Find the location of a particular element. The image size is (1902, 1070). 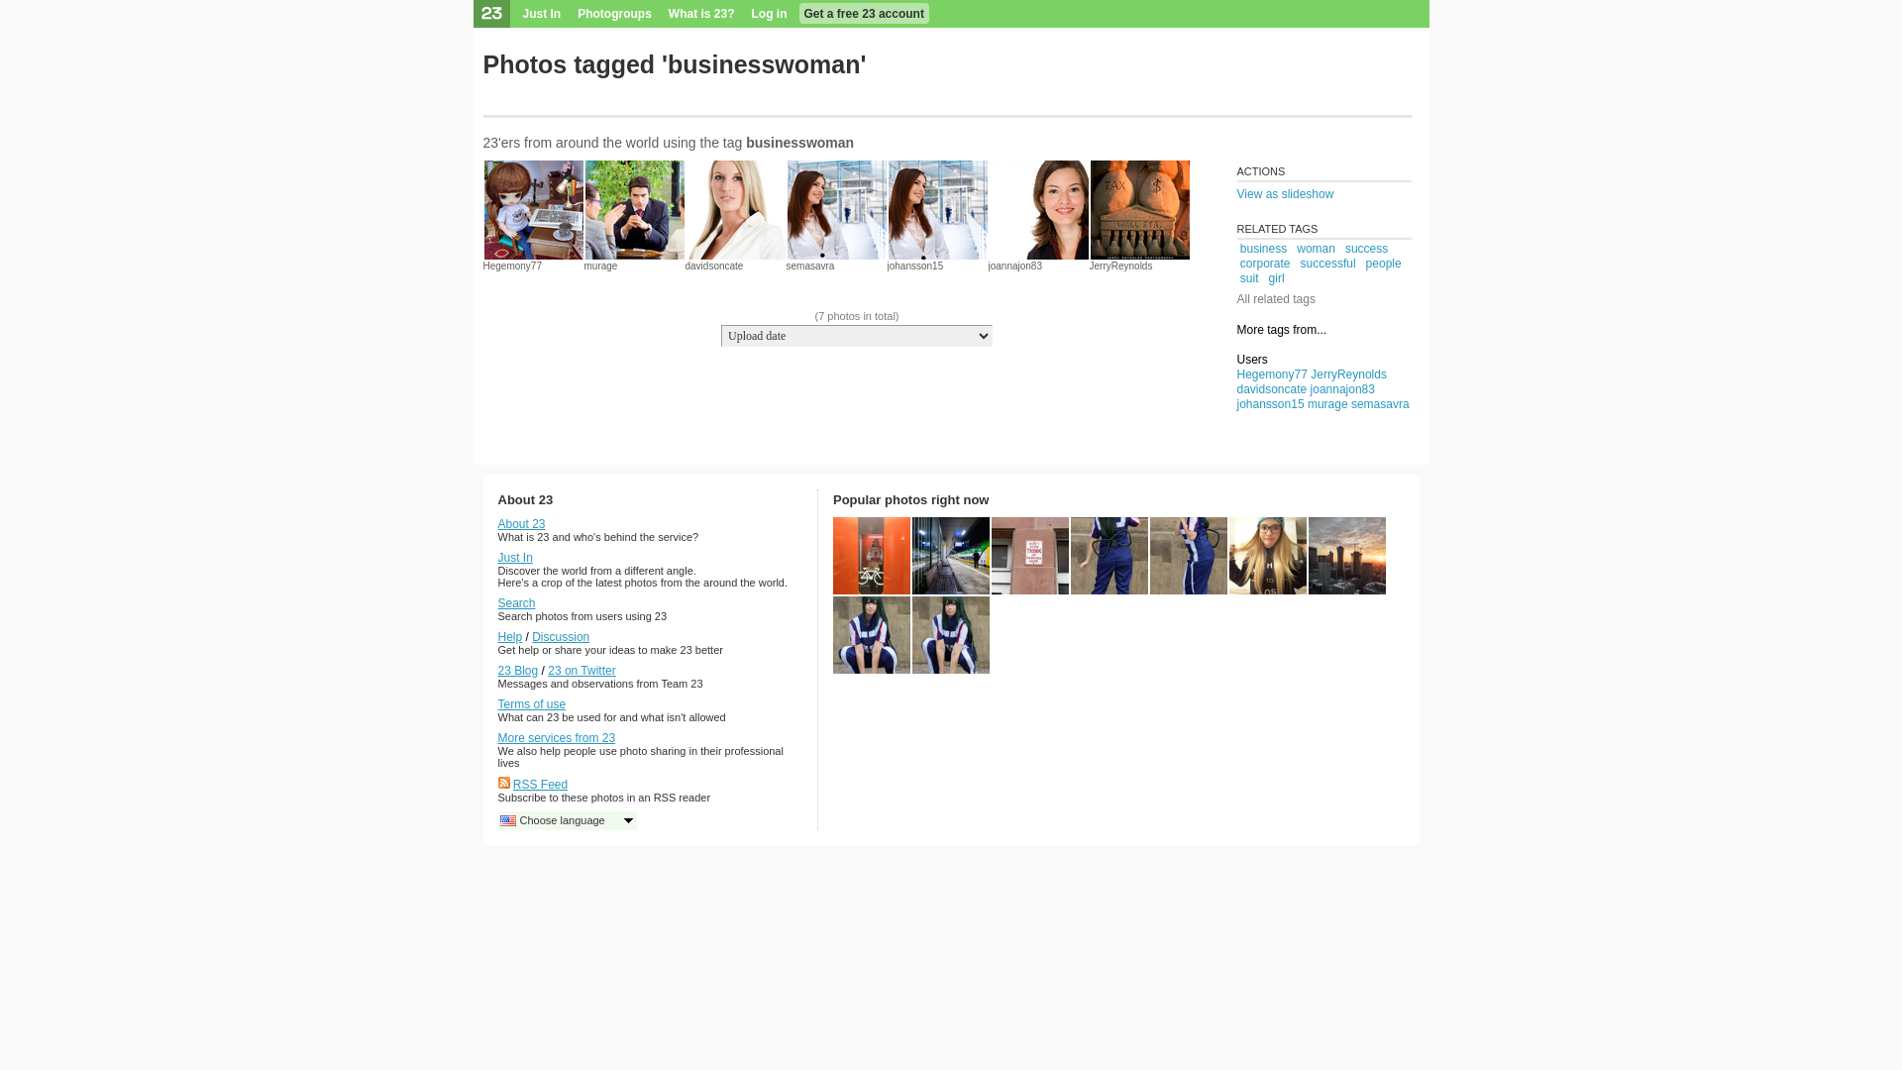

'woman' is located at coordinates (1316, 247).